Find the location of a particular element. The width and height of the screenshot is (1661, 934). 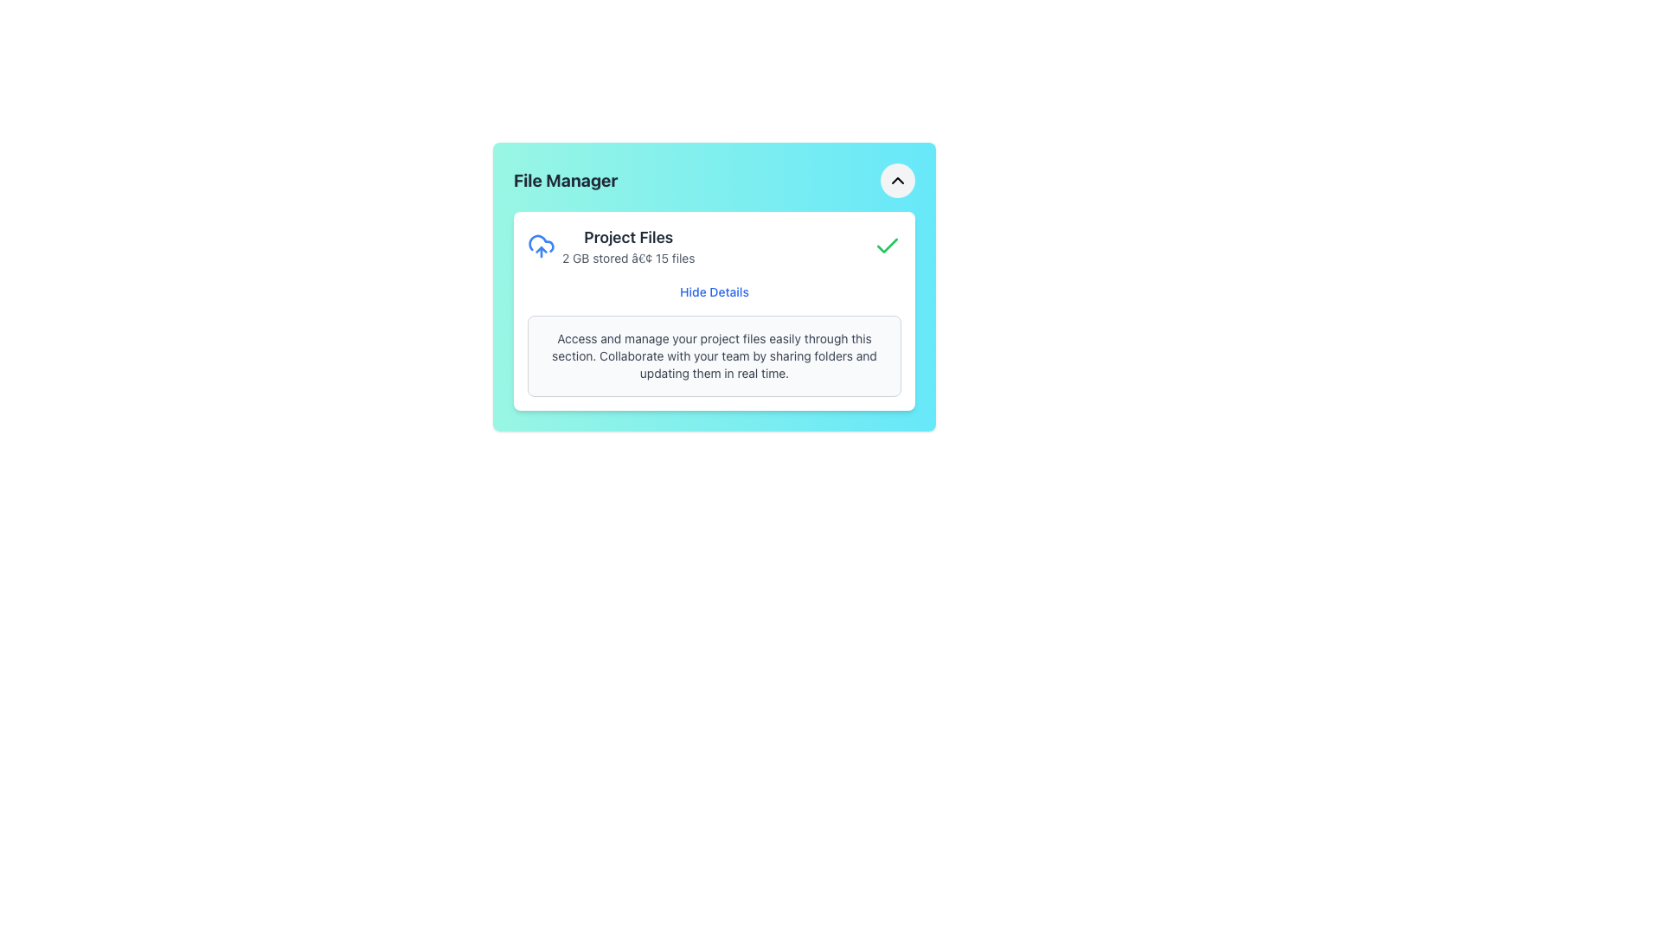

the Static Text element that provides metadata regarding storage usage and the number of files available, located beneath the 'Project Files' header is located at coordinates (627, 259).